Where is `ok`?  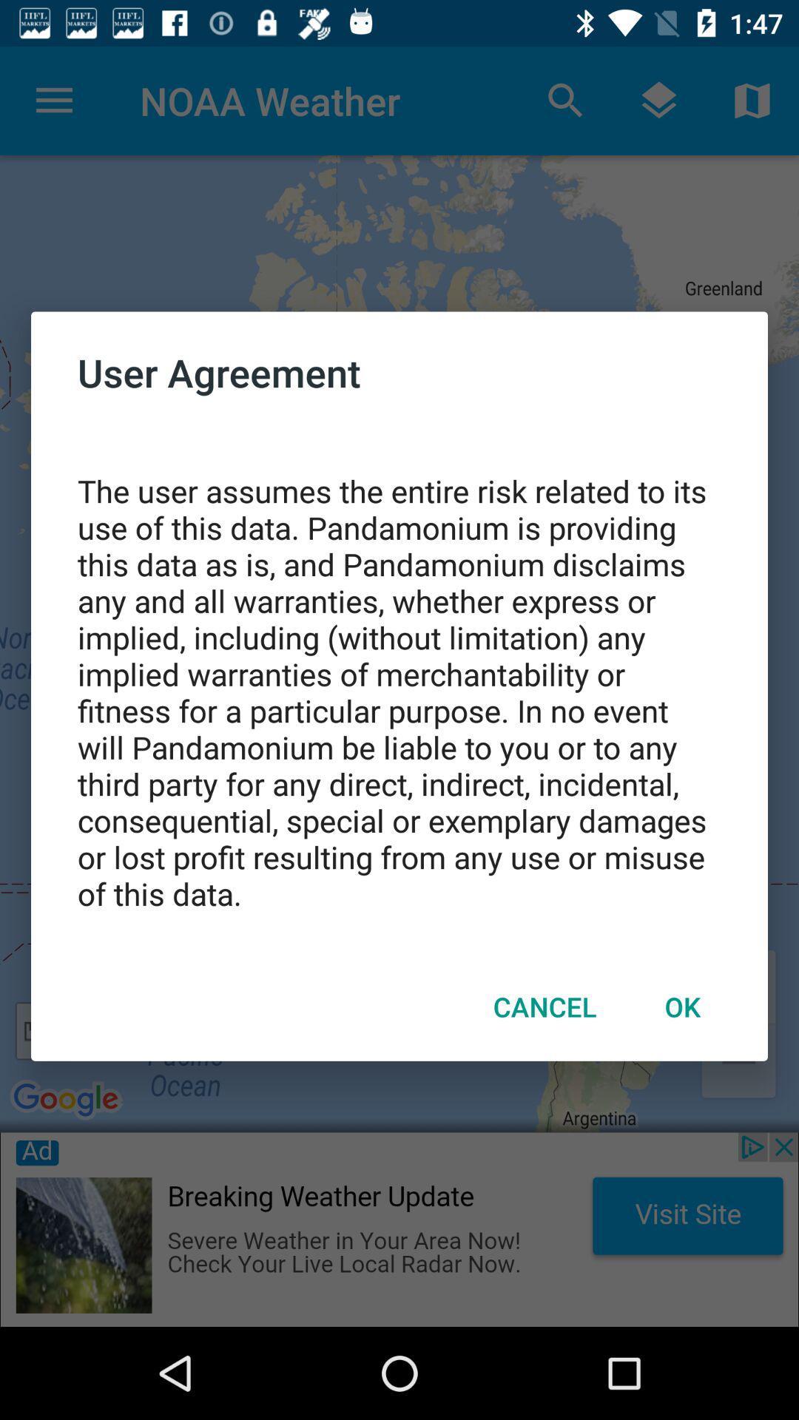
ok is located at coordinates (682, 1006).